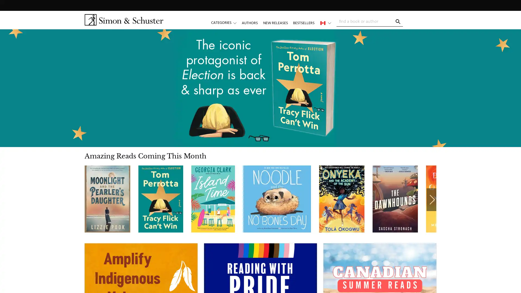 The height and width of the screenshot is (293, 521). Describe the element at coordinates (123, 20) in the screenshot. I see `Simon & Schuster Logo` at that location.